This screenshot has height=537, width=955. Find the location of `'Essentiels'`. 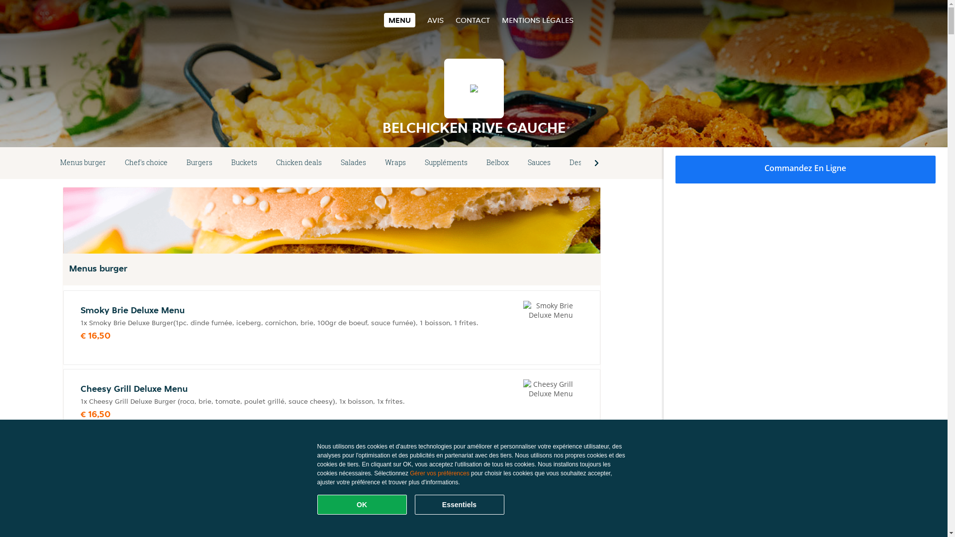

'Essentiels' is located at coordinates (415, 504).